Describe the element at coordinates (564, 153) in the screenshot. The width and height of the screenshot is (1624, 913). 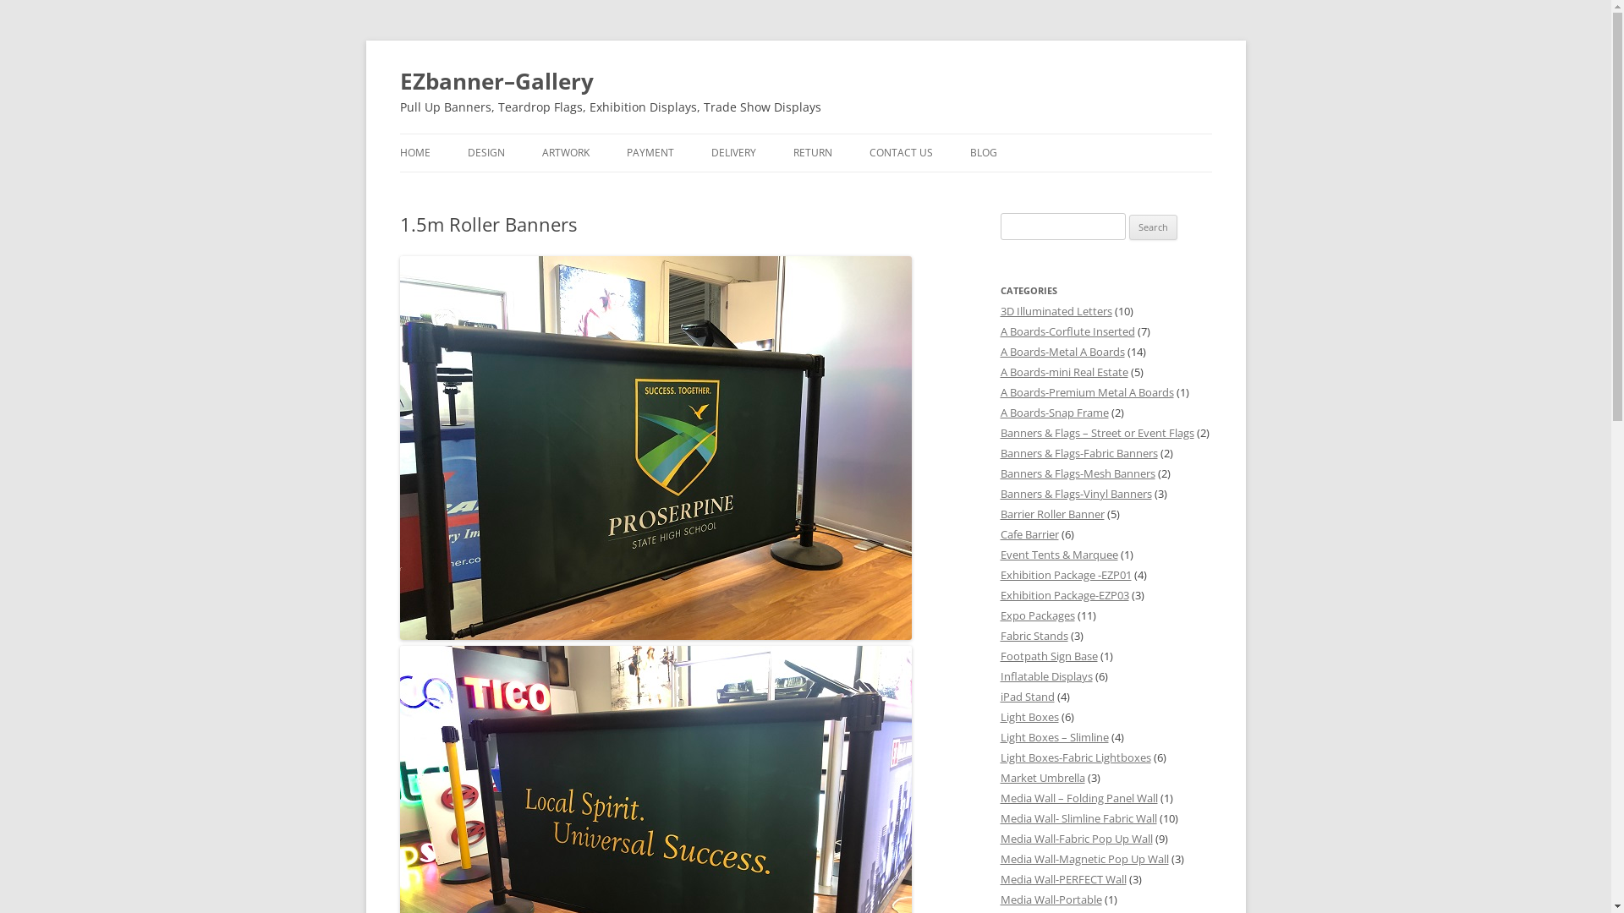
I see `'ARTWORK'` at that location.